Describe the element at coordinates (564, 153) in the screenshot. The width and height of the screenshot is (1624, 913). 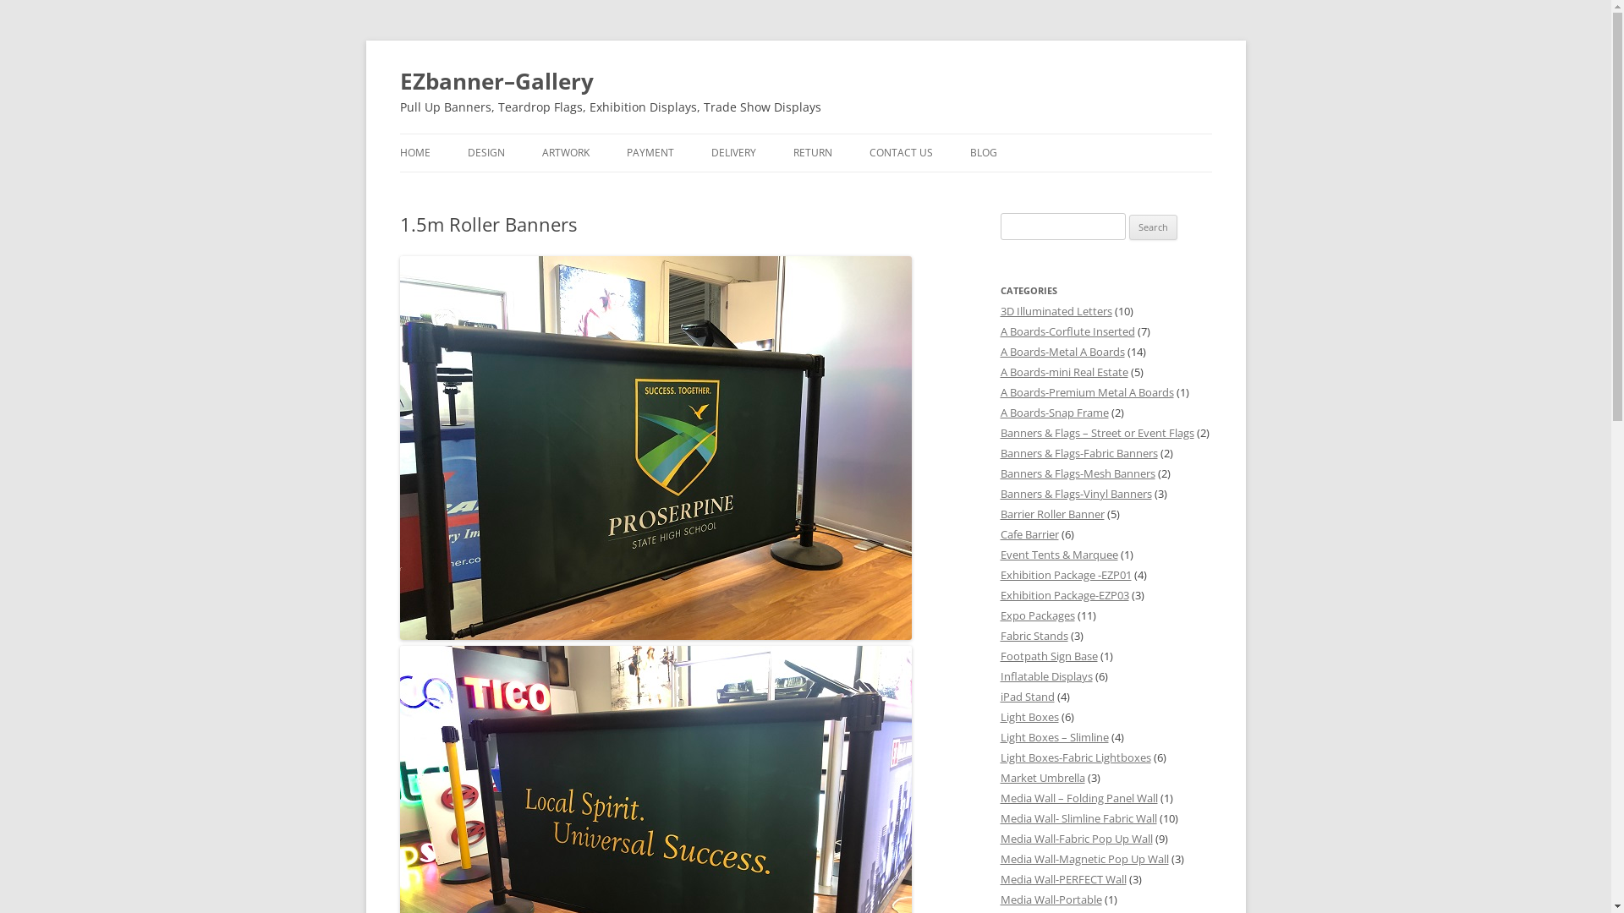
I see `'ARTWORK'` at that location.